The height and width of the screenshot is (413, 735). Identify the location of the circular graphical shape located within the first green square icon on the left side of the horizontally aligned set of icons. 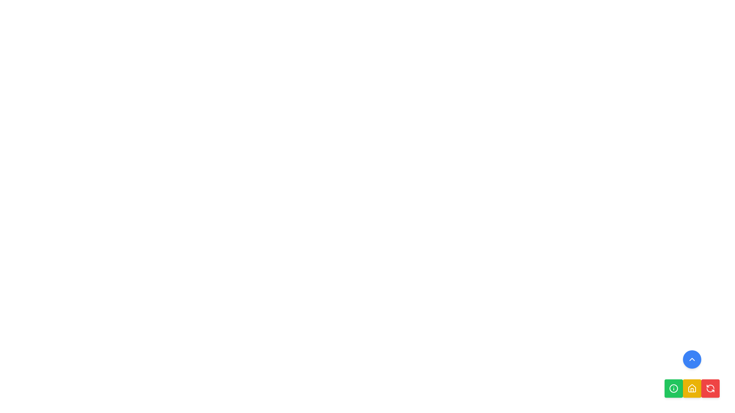
(674, 388).